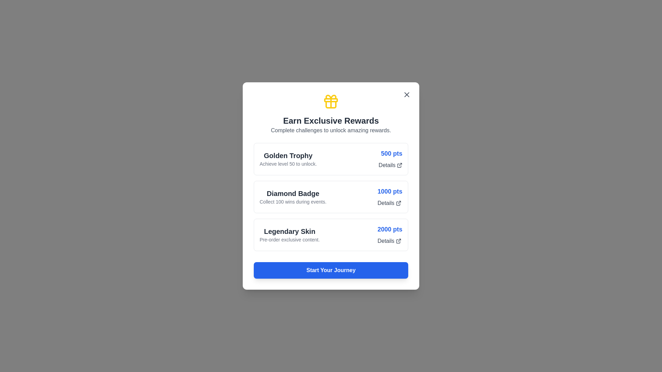 This screenshot has height=372, width=662. What do you see at coordinates (331, 105) in the screenshot?
I see `the curved line segment at the bottom of the graphical gift box icon located near the top-center of the modal interface` at bounding box center [331, 105].